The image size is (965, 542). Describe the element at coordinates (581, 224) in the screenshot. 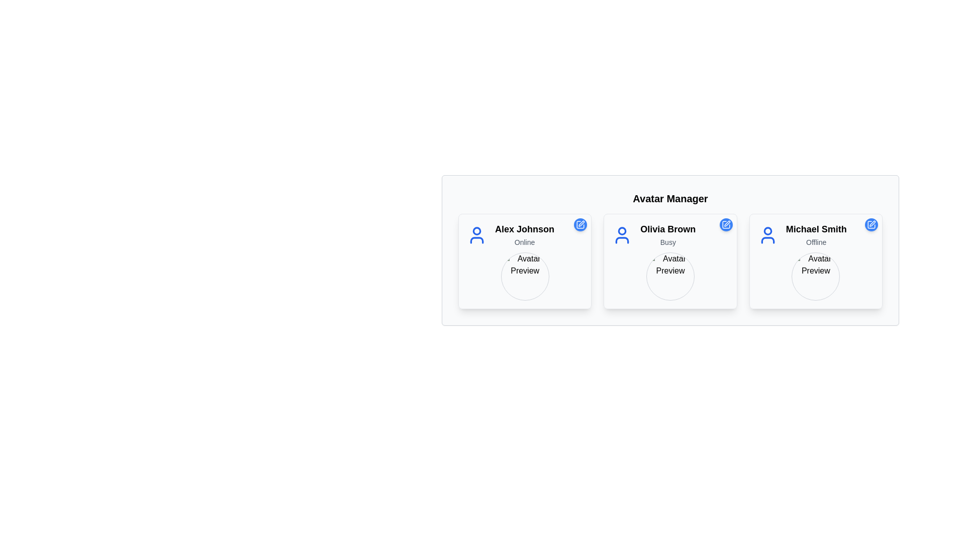

I see `the blue circular edit button with a white pen icon located at the top-right corner of Alex Johnson's user card` at that location.